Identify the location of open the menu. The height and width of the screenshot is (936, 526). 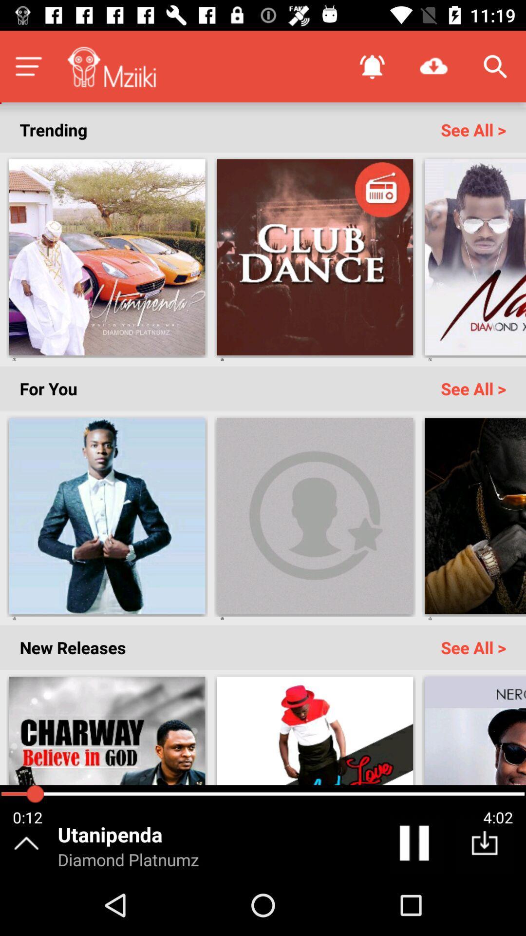
(28, 66).